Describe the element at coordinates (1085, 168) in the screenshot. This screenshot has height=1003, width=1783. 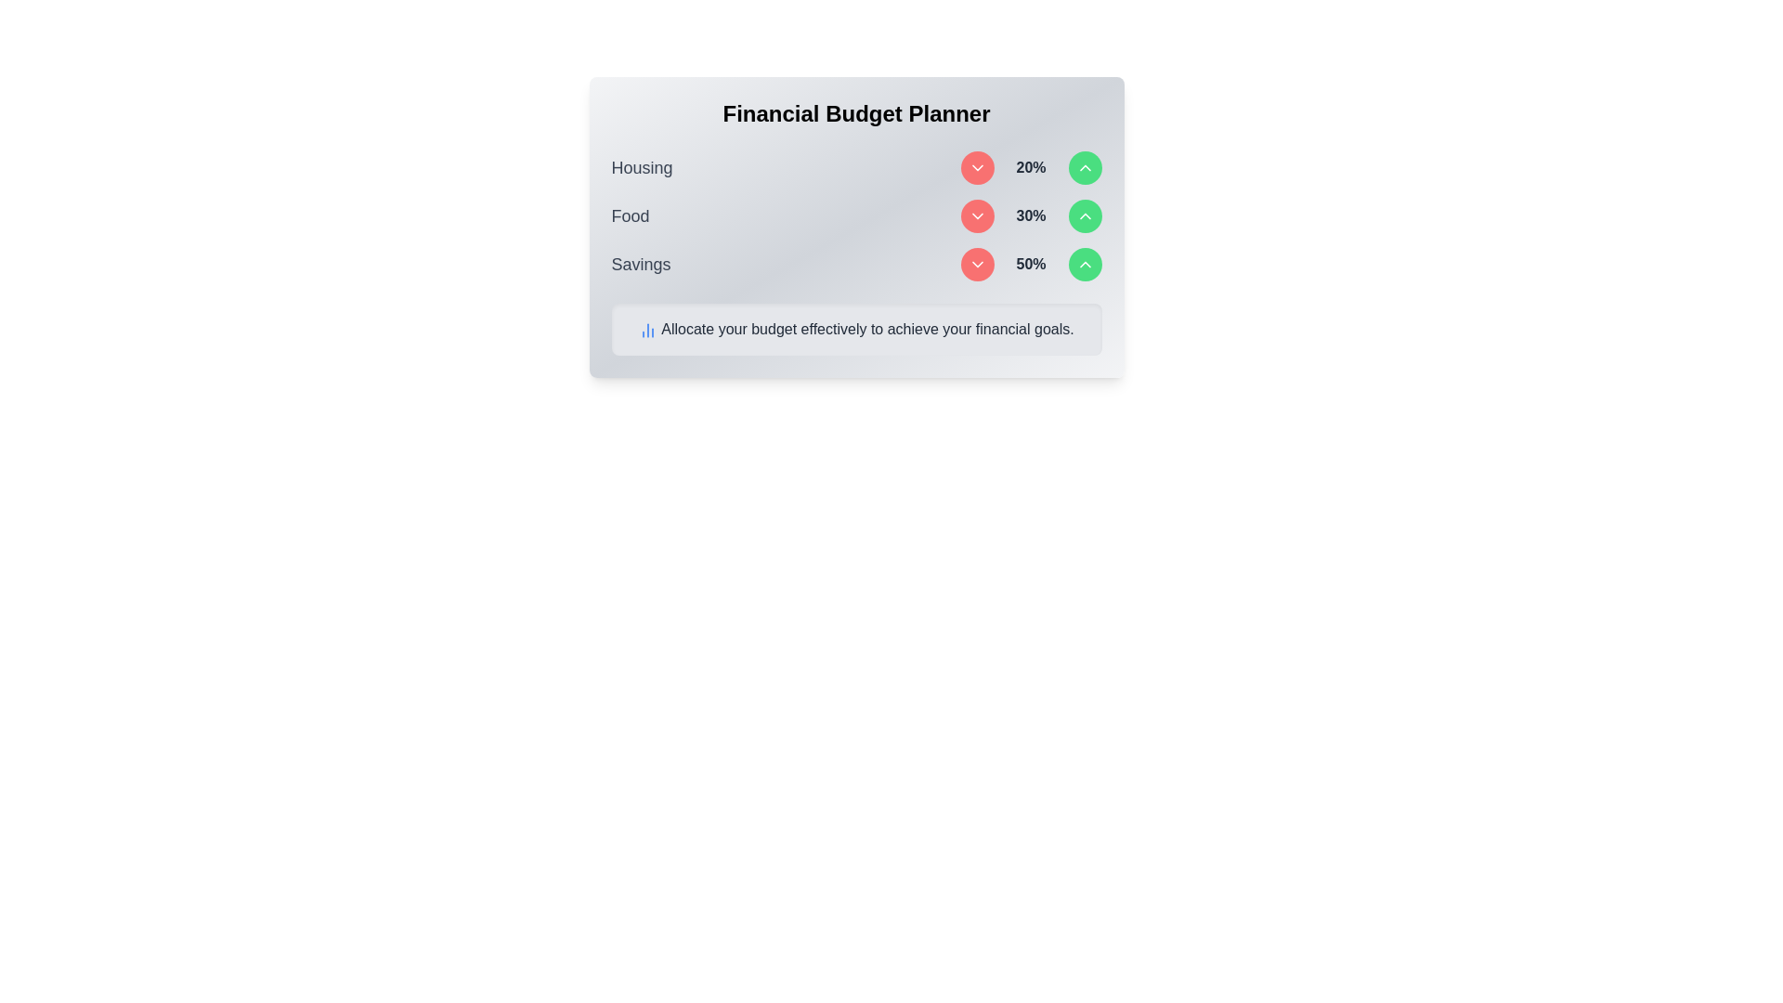
I see `the green circular button with a white upward-pointing chevron icon, located at the rightmost side of the '20%' row, to observe its hover effect` at that location.